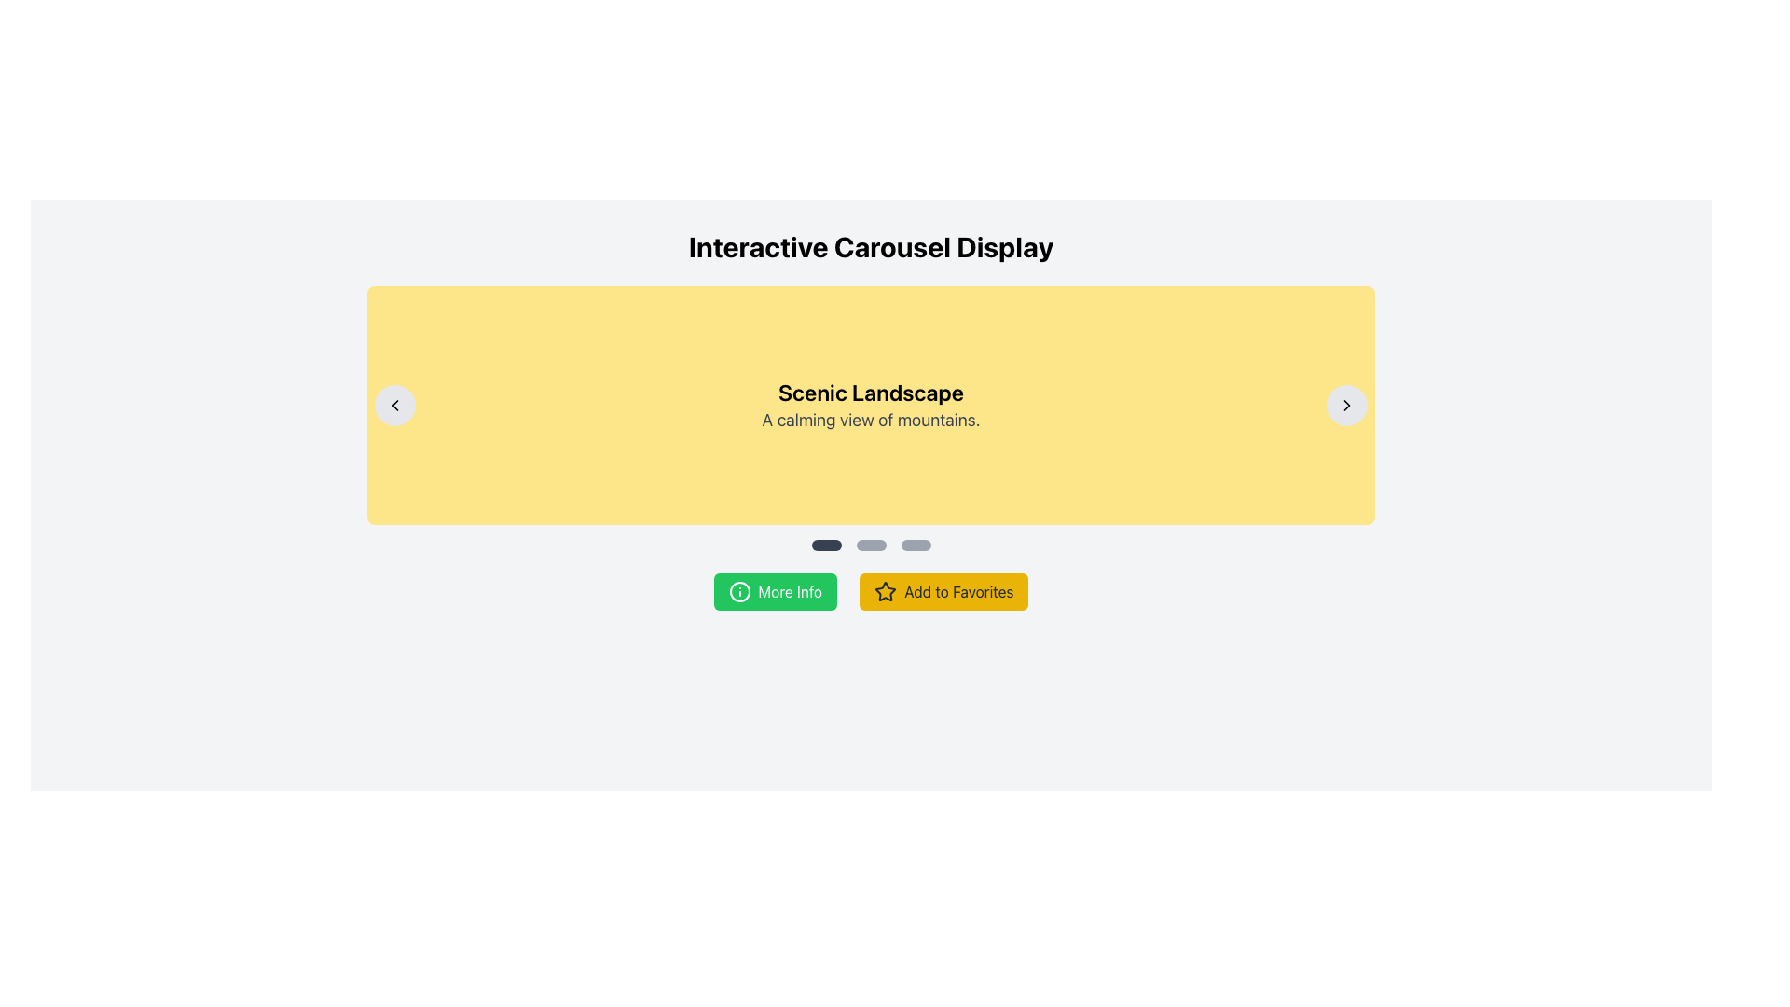 Image resolution: width=1790 pixels, height=1007 pixels. Describe the element at coordinates (393, 405) in the screenshot. I see `the left navigation button located to the left of the large yellow panel displaying 'Scenic Landscape: A calming view of mountains'` at that location.